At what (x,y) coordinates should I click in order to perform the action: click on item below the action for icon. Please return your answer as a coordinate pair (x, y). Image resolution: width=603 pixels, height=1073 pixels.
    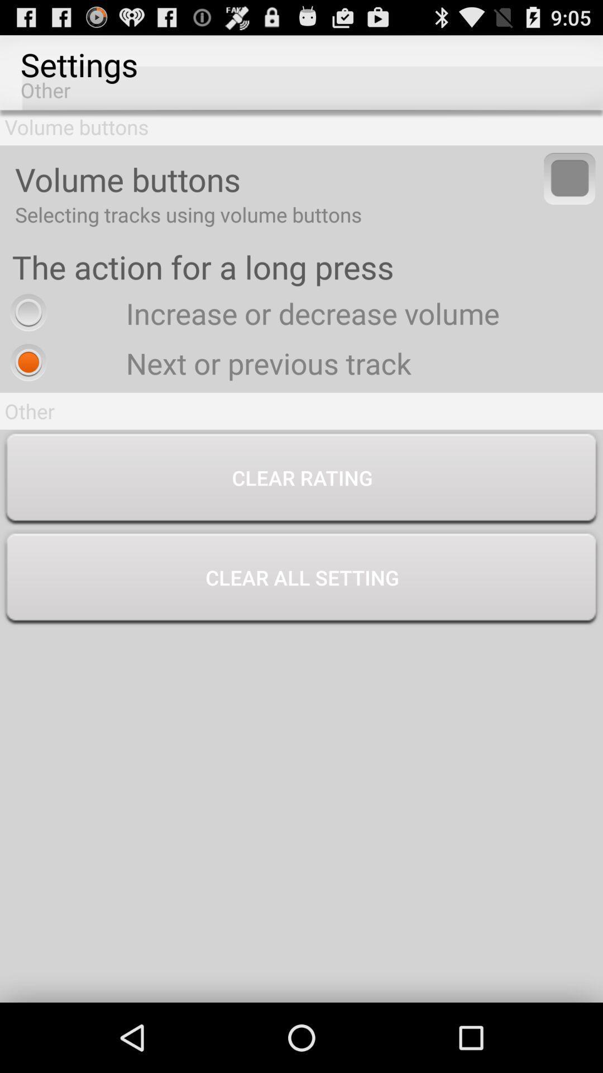
    Looking at the image, I should click on (252, 313).